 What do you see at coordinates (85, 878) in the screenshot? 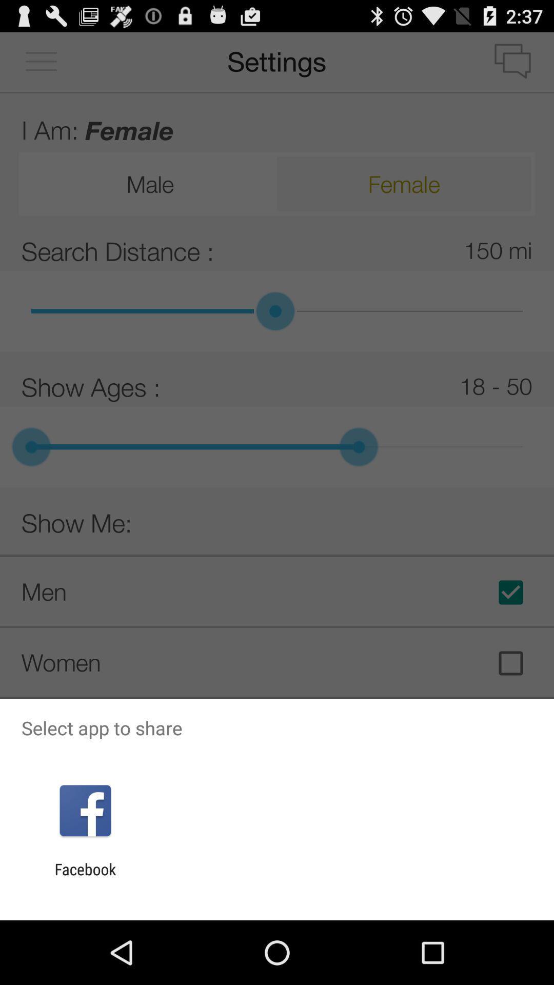
I see `facebook app` at bounding box center [85, 878].